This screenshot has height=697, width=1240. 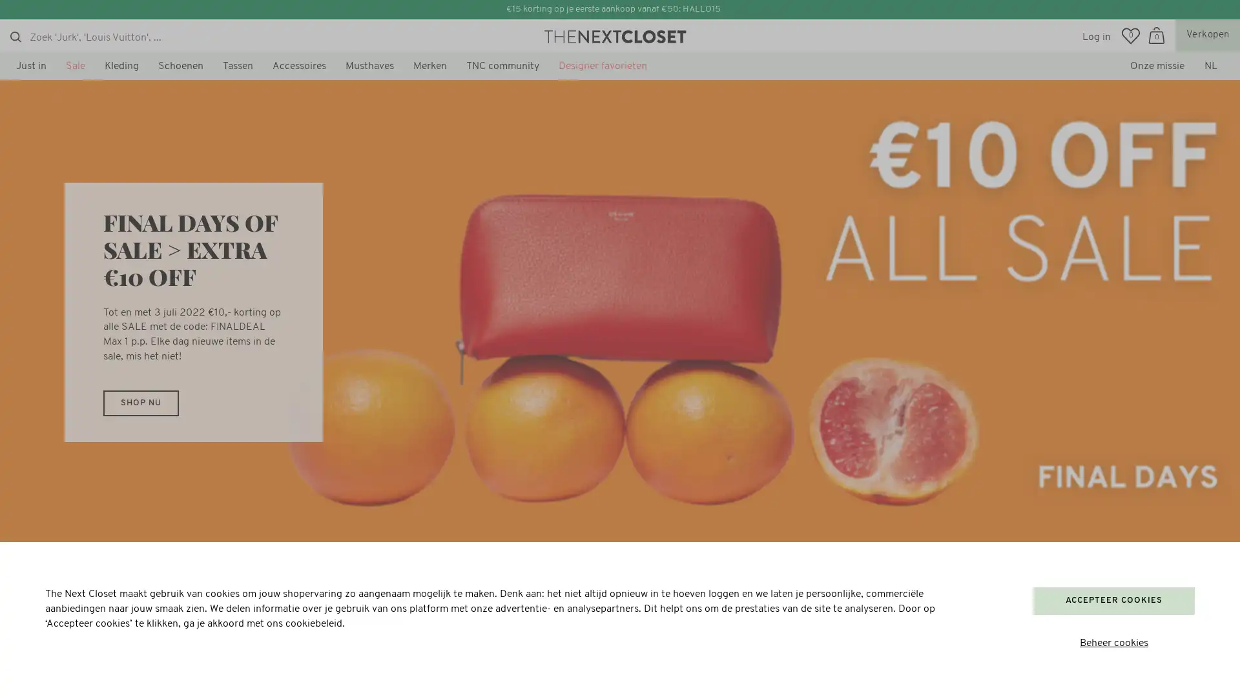 What do you see at coordinates (43, 671) in the screenshot?
I see `Chat` at bounding box center [43, 671].